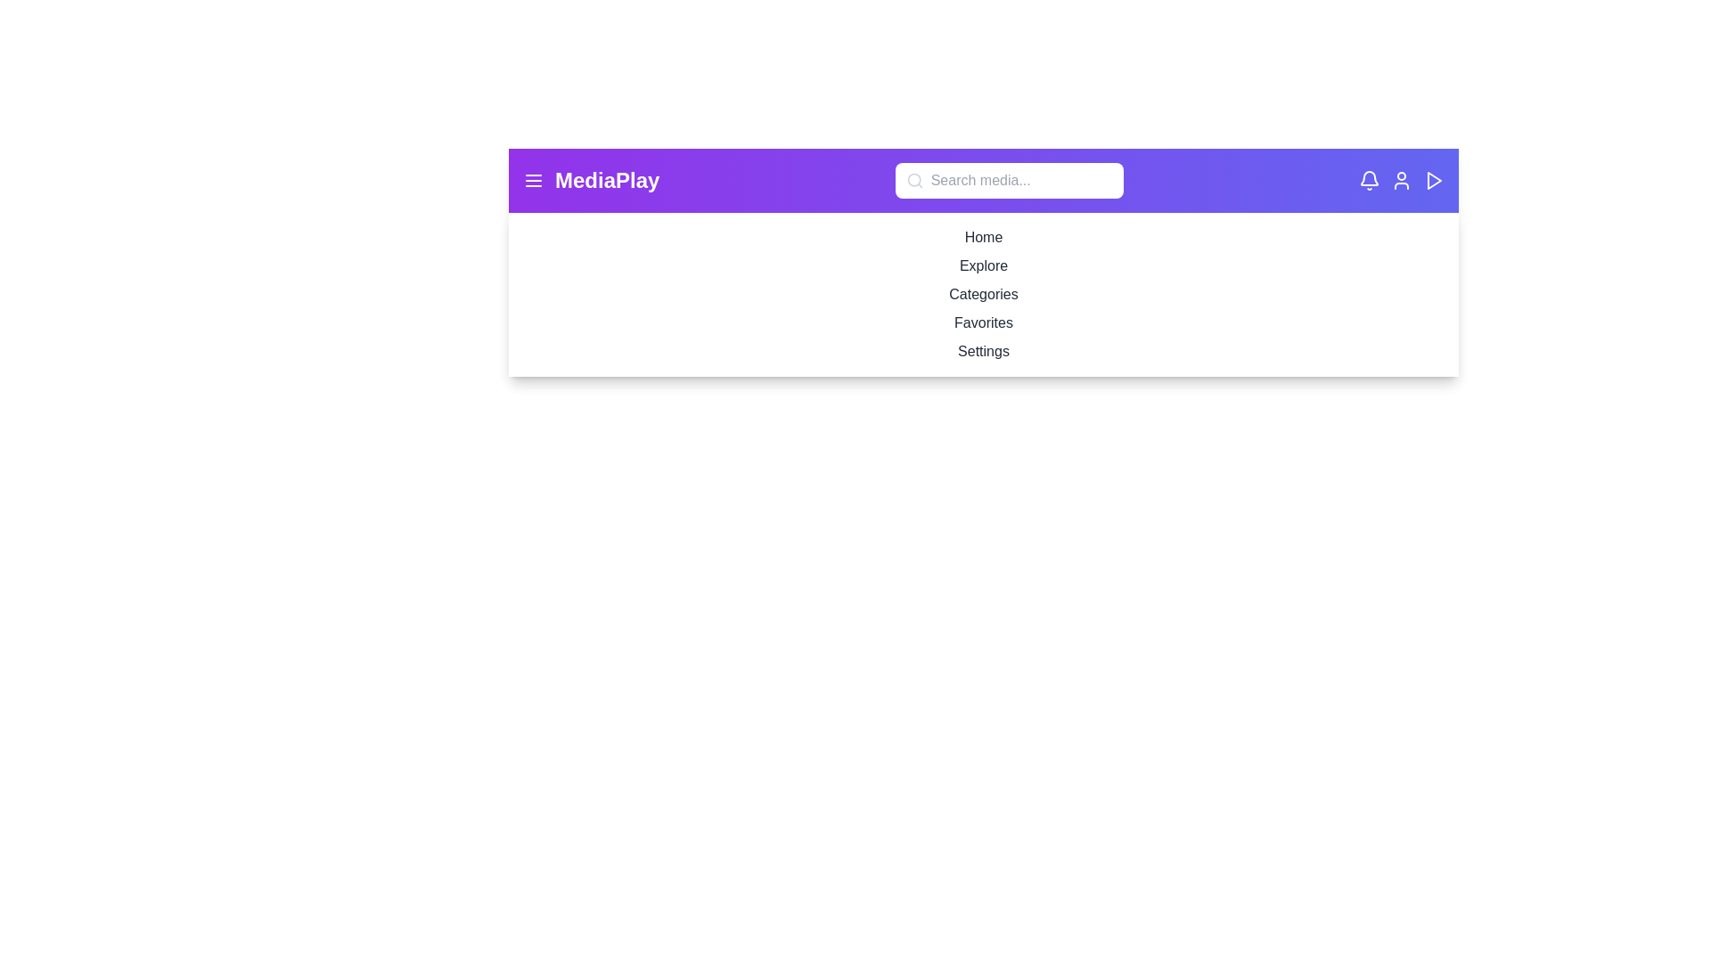  I want to click on the search box located in the top bar of the interface, which features a gradient background transitioning from purple to indigo and contains the text 'MediaPlay' on the left side, so click(983, 181).